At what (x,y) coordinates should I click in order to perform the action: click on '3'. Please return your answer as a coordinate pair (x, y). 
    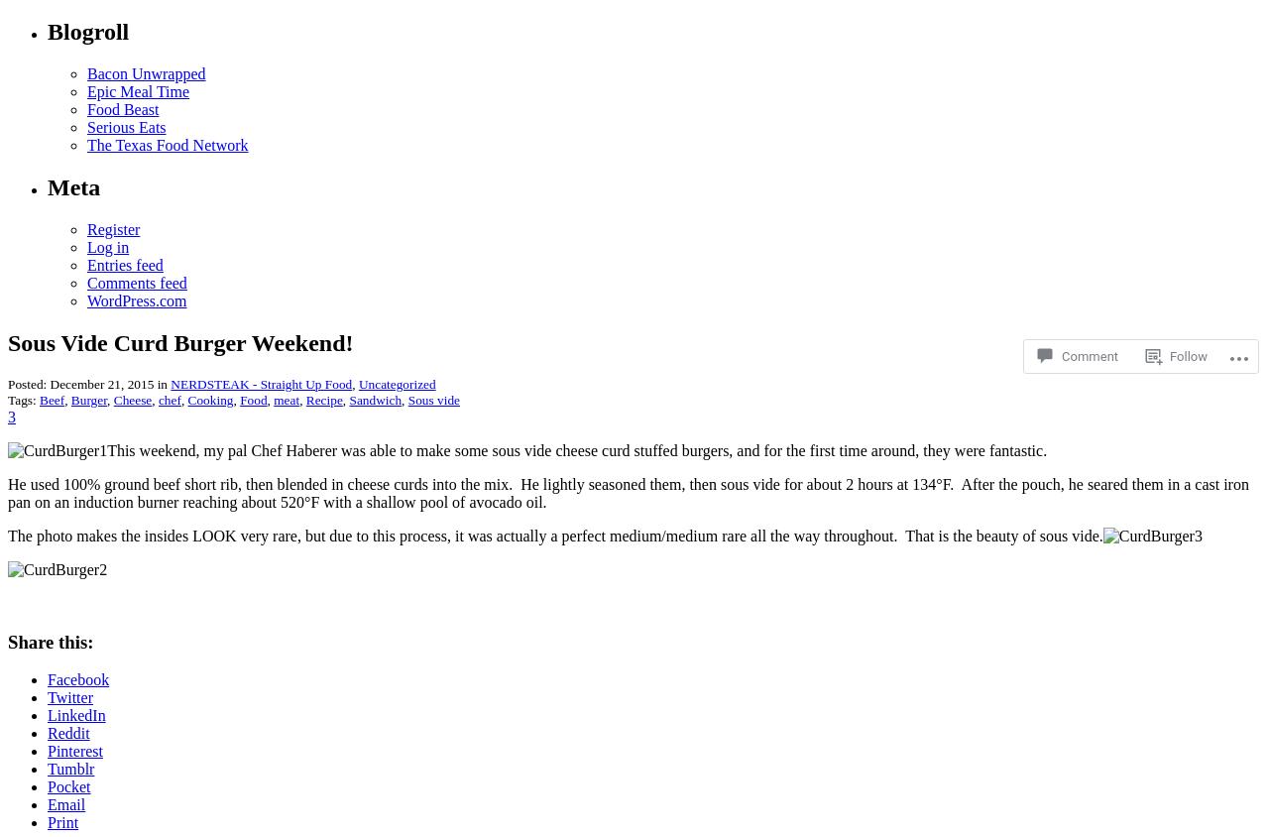
    Looking at the image, I should click on (12, 417).